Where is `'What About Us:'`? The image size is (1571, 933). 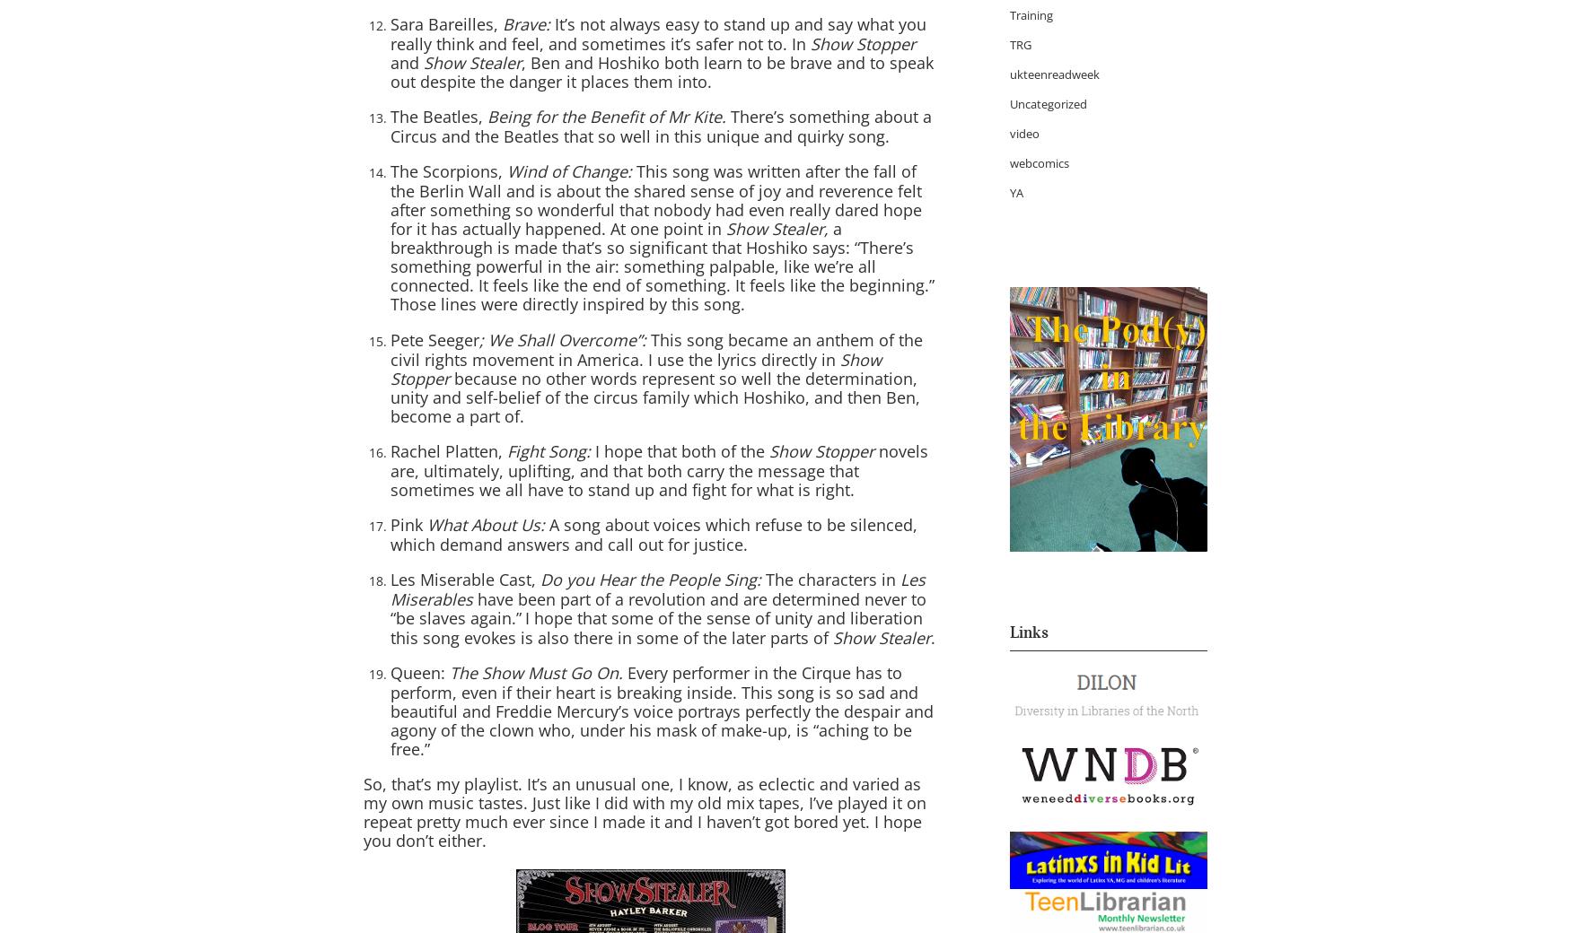
'What About Us:' is located at coordinates (487, 524).